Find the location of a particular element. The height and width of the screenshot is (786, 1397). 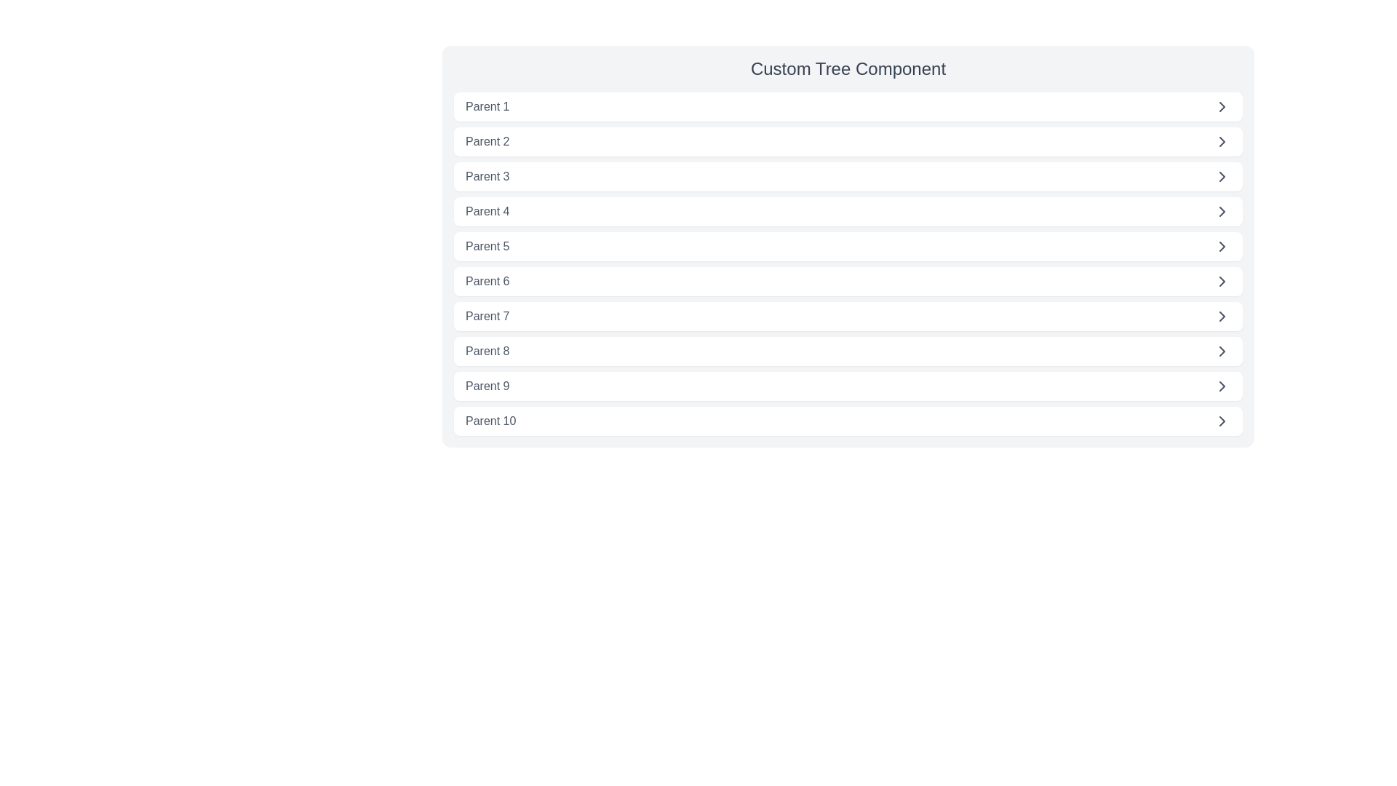

the sixth item in the 'Custom Tree Component' list is located at coordinates (848, 281).